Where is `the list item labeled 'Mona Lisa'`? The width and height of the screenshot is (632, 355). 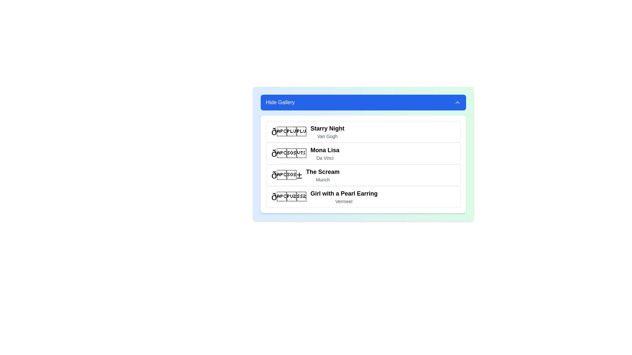
the list item labeled 'Mona Lisa' is located at coordinates (363, 154).